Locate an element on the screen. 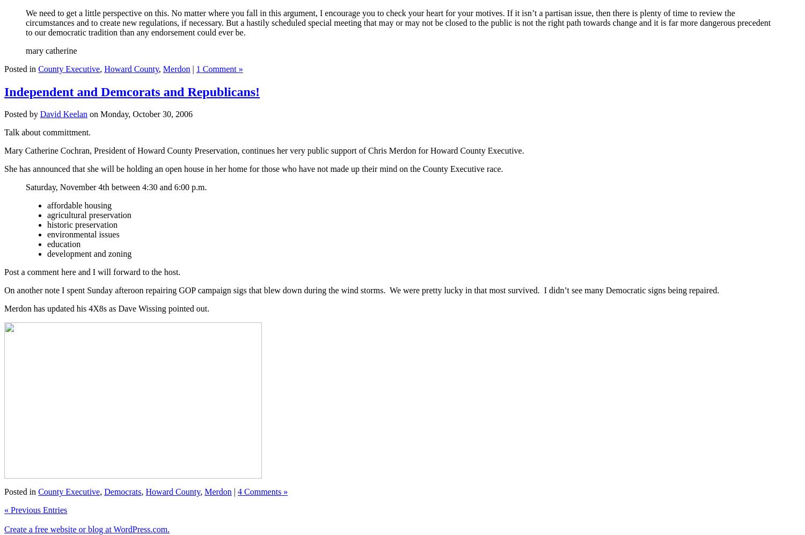 This screenshot has width=805, height=535. 'Merdon has updated his 4X8s as Dave Wissing pointed out.' is located at coordinates (106, 308).